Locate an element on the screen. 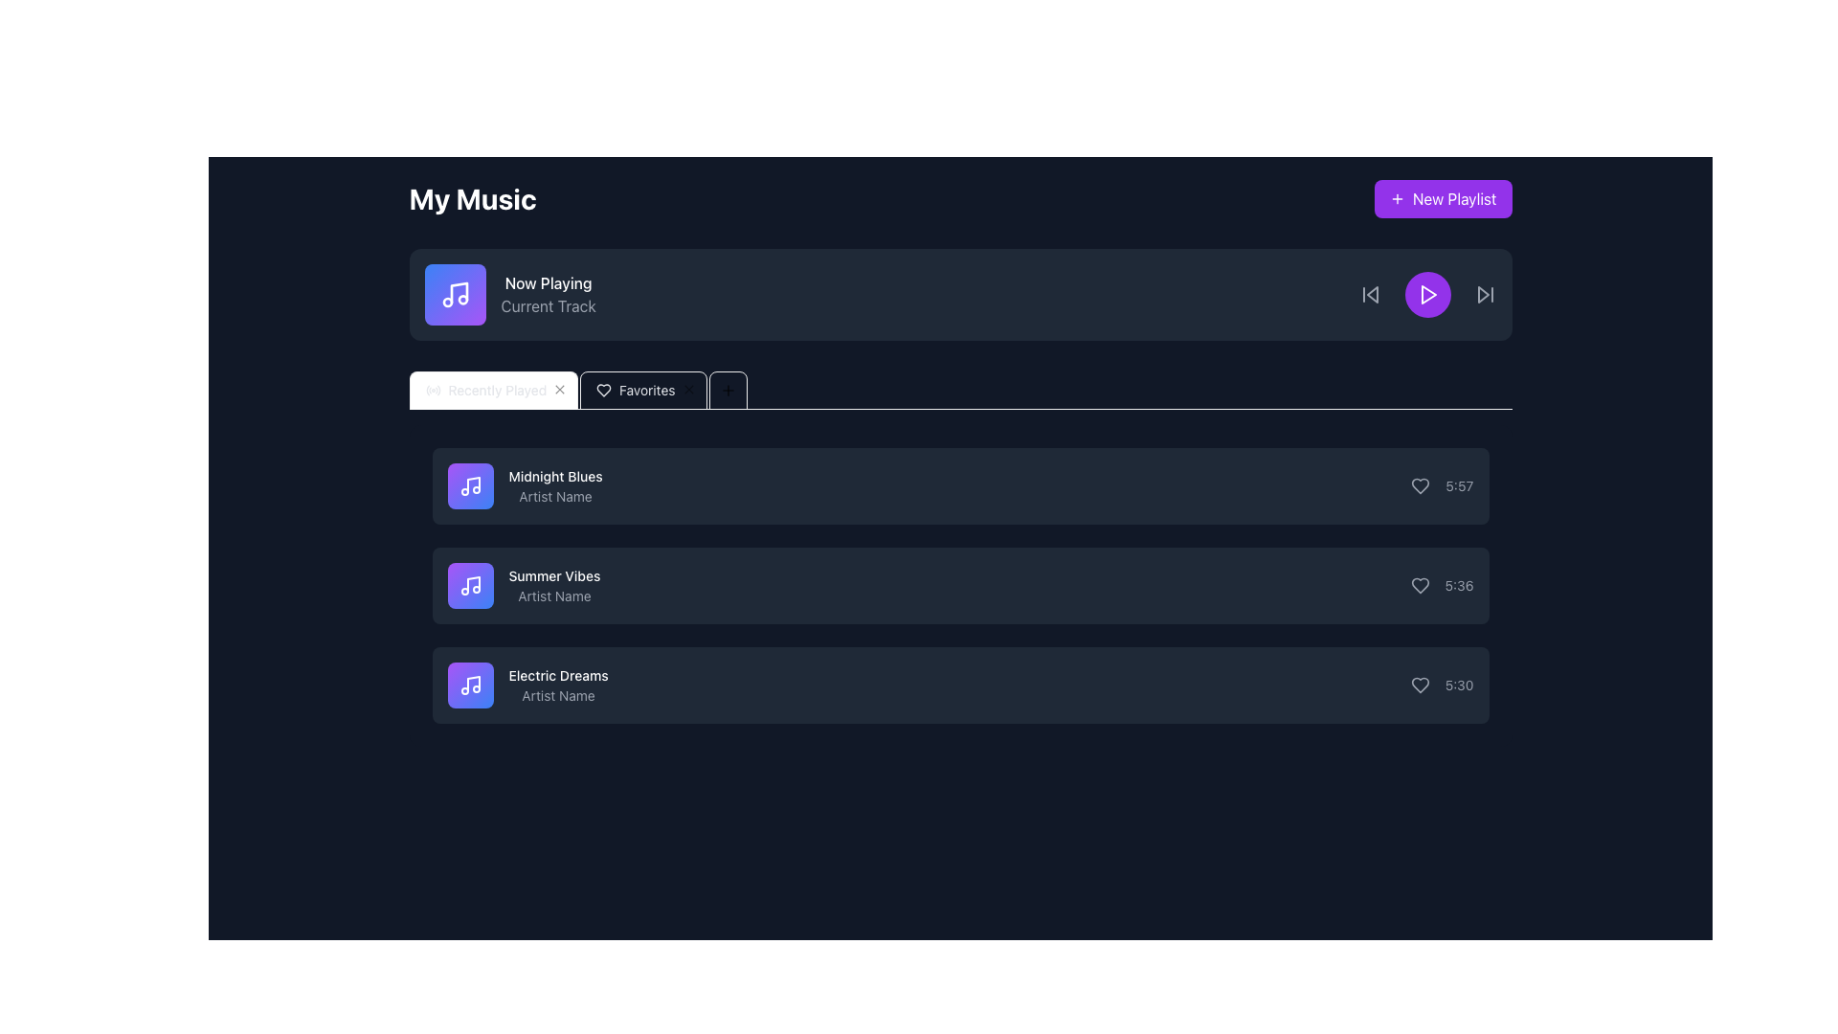 Image resolution: width=1838 pixels, height=1034 pixels. the Active tab indicator located below the 'Recently Played' tab in the tab navigation bar to visually indicate the current active context is located at coordinates (493, 408).